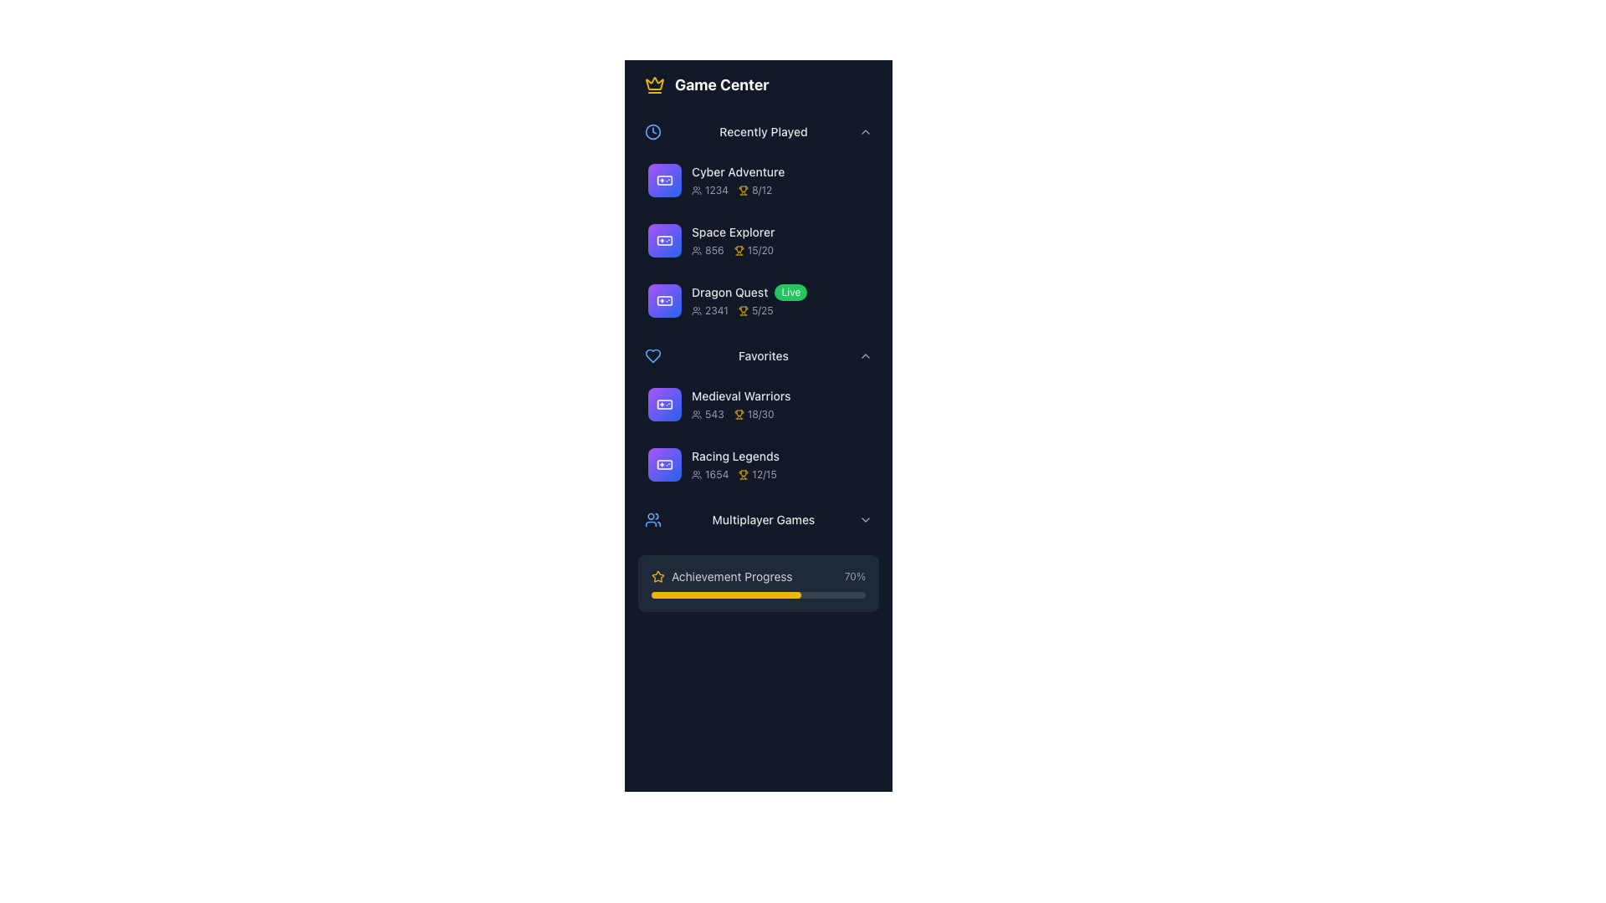 Image resolution: width=1606 pixels, height=903 pixels. Describe the element at coordinates (790, 292) in the screenshot. I see `the Status badge indicating that 'Dragon Quest' is currently live, located to the right of the text 'Dragon Quest' in the 'Recently Played' section` at that location.